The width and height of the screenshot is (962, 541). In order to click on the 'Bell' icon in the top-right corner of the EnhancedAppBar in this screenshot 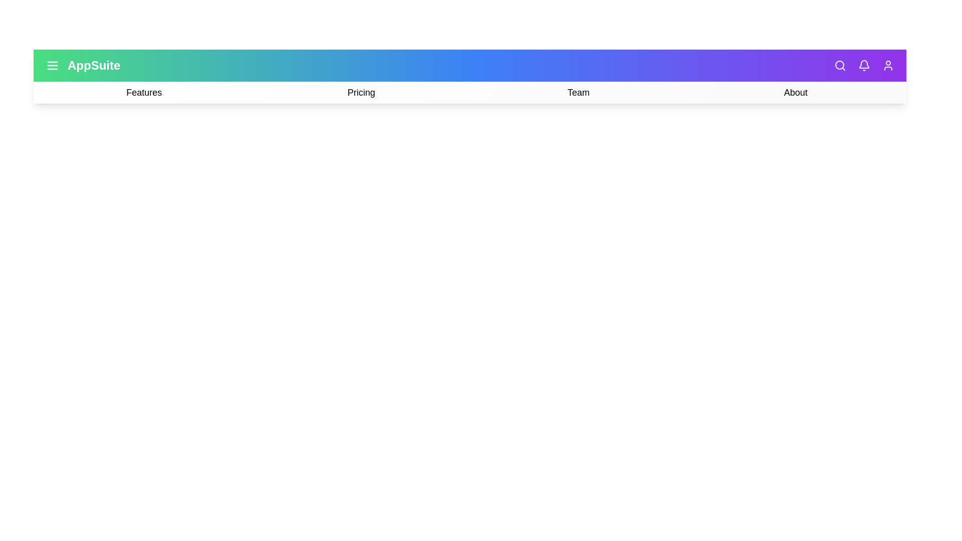, I will do `click(863, 66)`.